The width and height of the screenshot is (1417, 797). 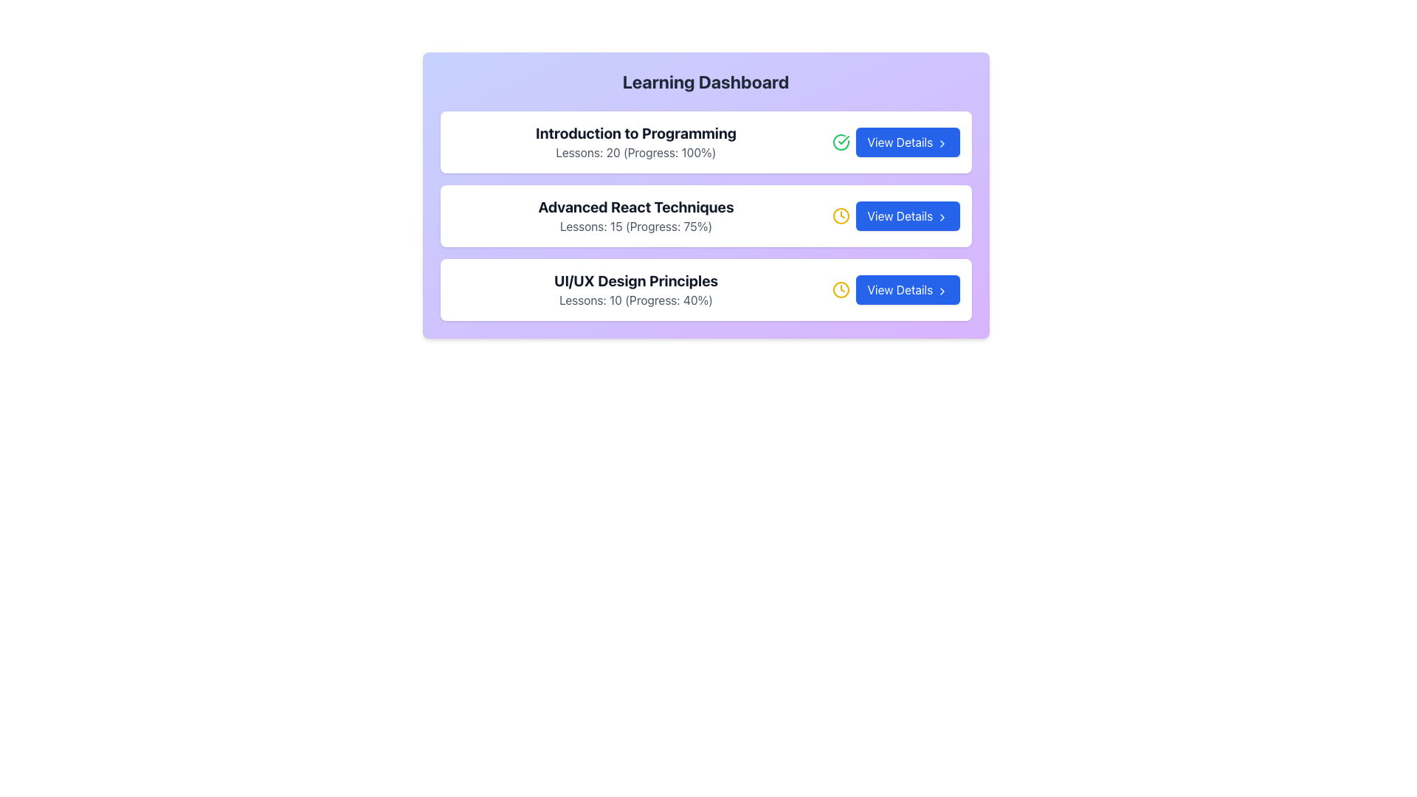 I want to click on the right-pointing chevron arrow icon located on the rightmost side of the 'View Details' button for the 'Introduction to Programming' entry on the dashboard interface, so click(x=941, y=143).